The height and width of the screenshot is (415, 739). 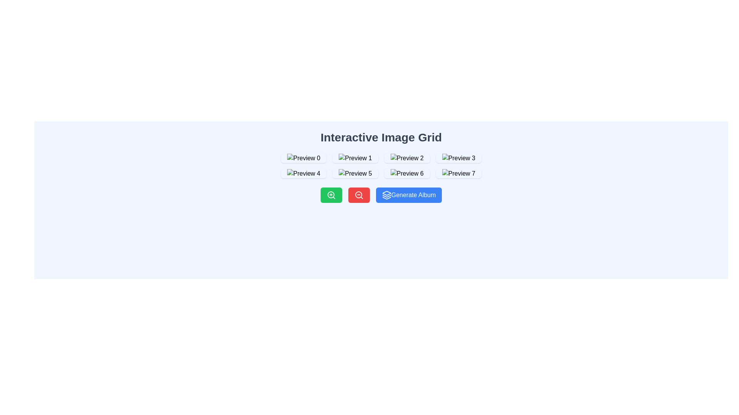 What do you see at coordinates (458, 173) in the screenshot?
I see `the interactive grid item located in the bottom row, rightmost column of the grid` at bounding box center [458, 173].